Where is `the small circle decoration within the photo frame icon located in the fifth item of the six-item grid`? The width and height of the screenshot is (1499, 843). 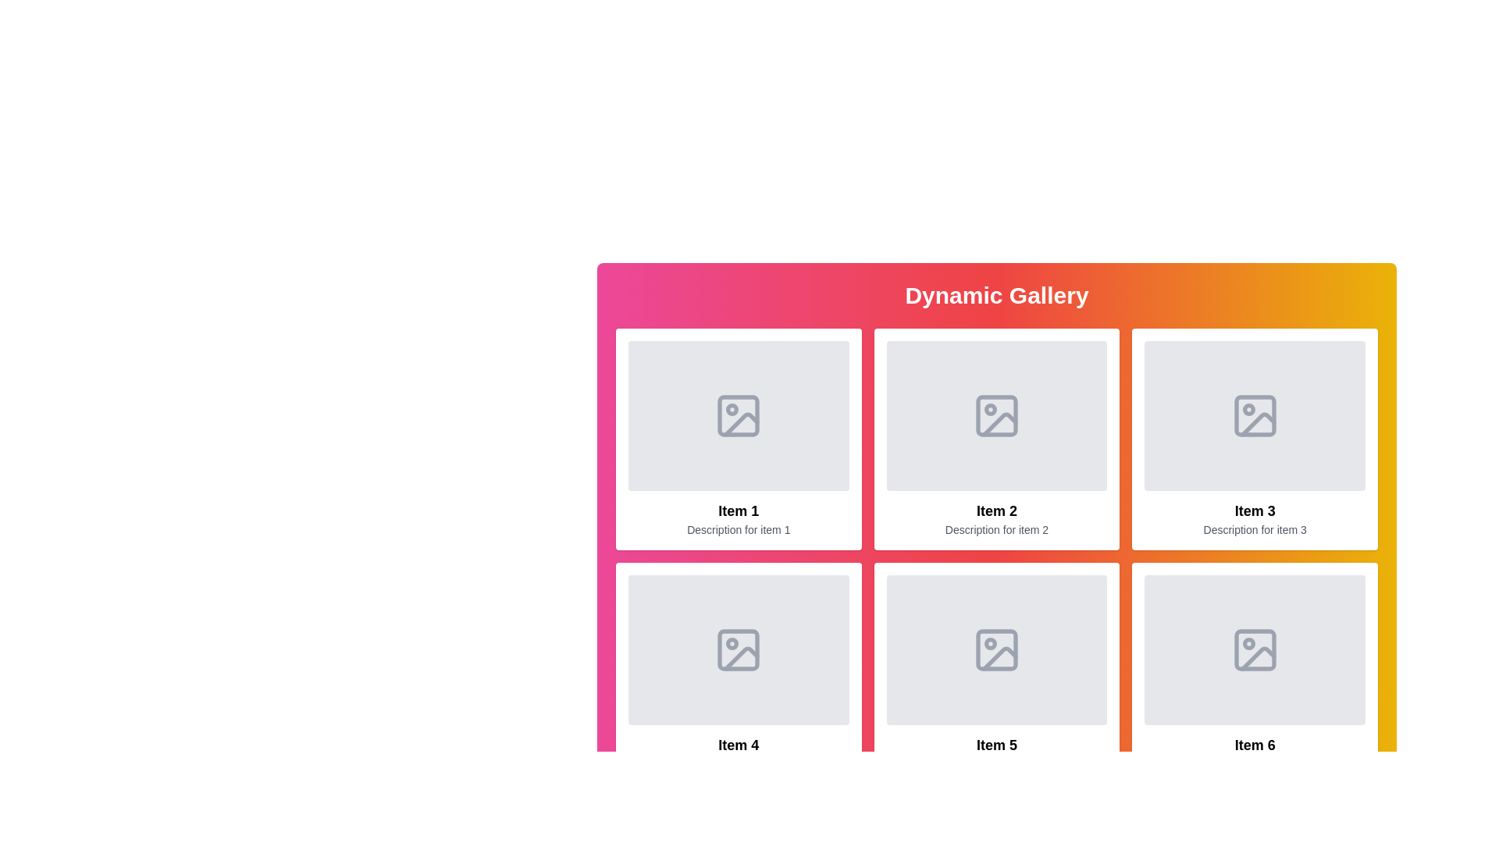
the small circle decoration within the photo frame icon located in the fifth item of the six-item grid is located at coordinates (989, 644).